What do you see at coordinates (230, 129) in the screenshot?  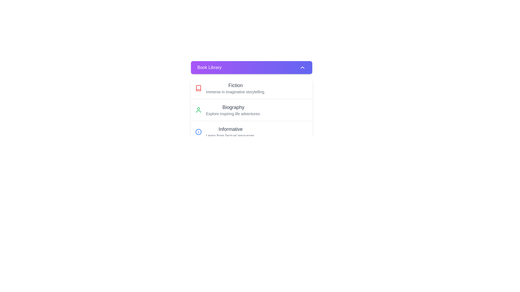 I see `text label that identifies a category or section in the Book Library, positioned above the text 'Learn from factual resources.'` at bounding box center [230, 129].